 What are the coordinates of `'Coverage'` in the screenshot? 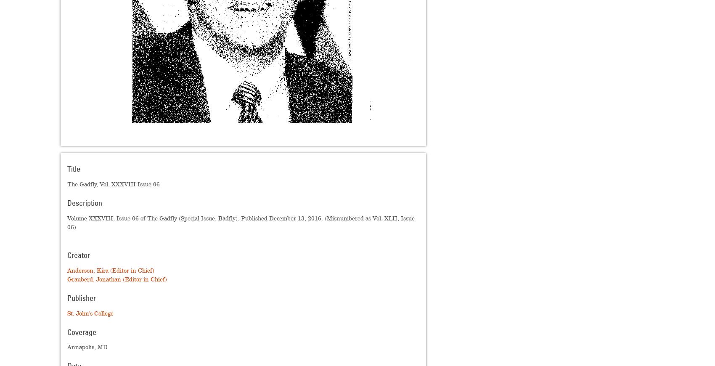 It's located at (66, 332).